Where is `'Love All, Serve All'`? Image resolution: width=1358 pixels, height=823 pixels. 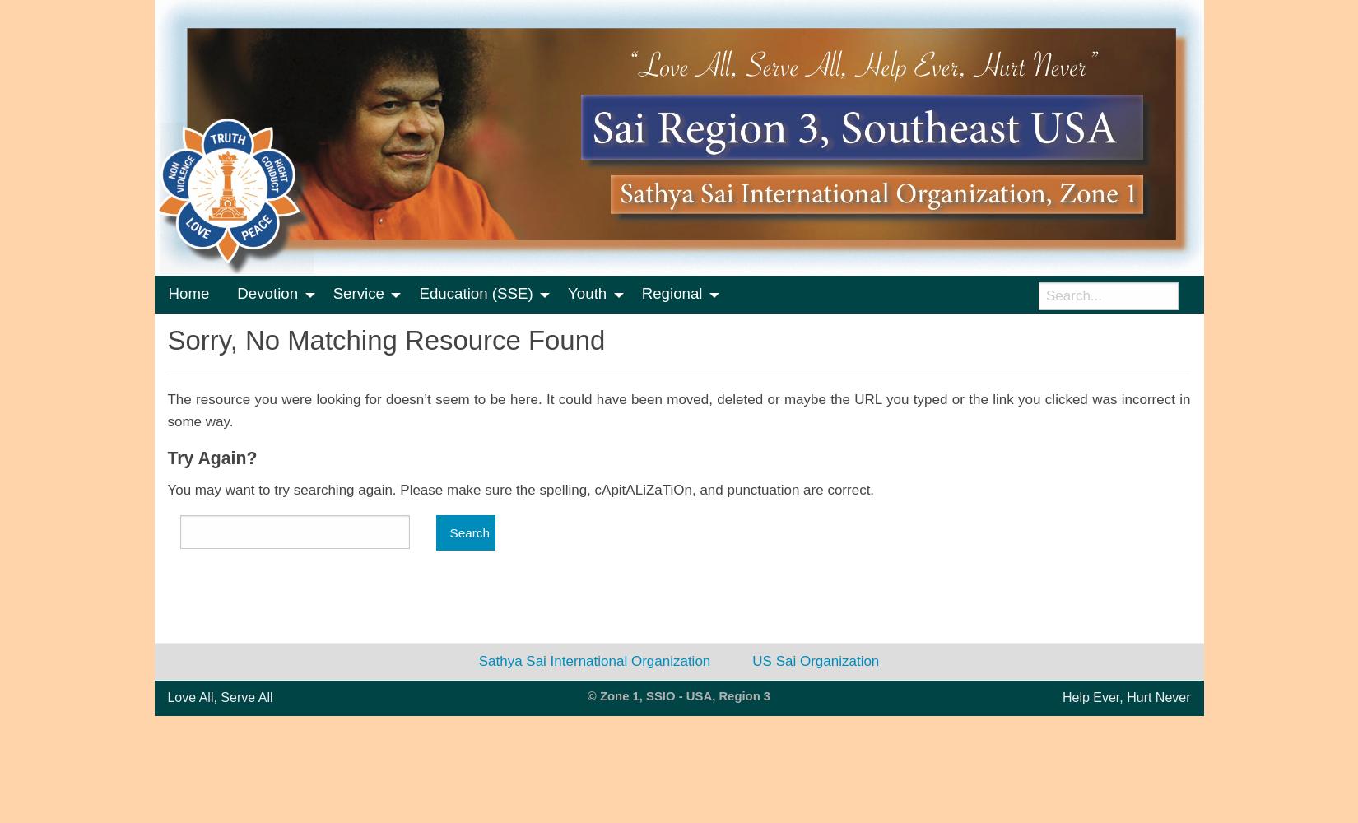 'Love All, Serve All' is located at coordinates (219, 696).